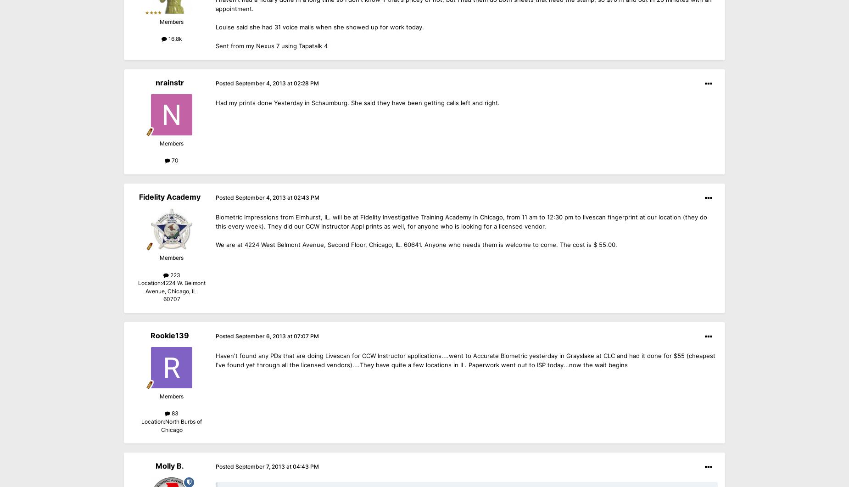 The width and height of the screenshot is (849, 487). What do you see at coordinates (169, 81) in the screenshot?
I see `'nrainstr'` at bounding box center [169, 81].